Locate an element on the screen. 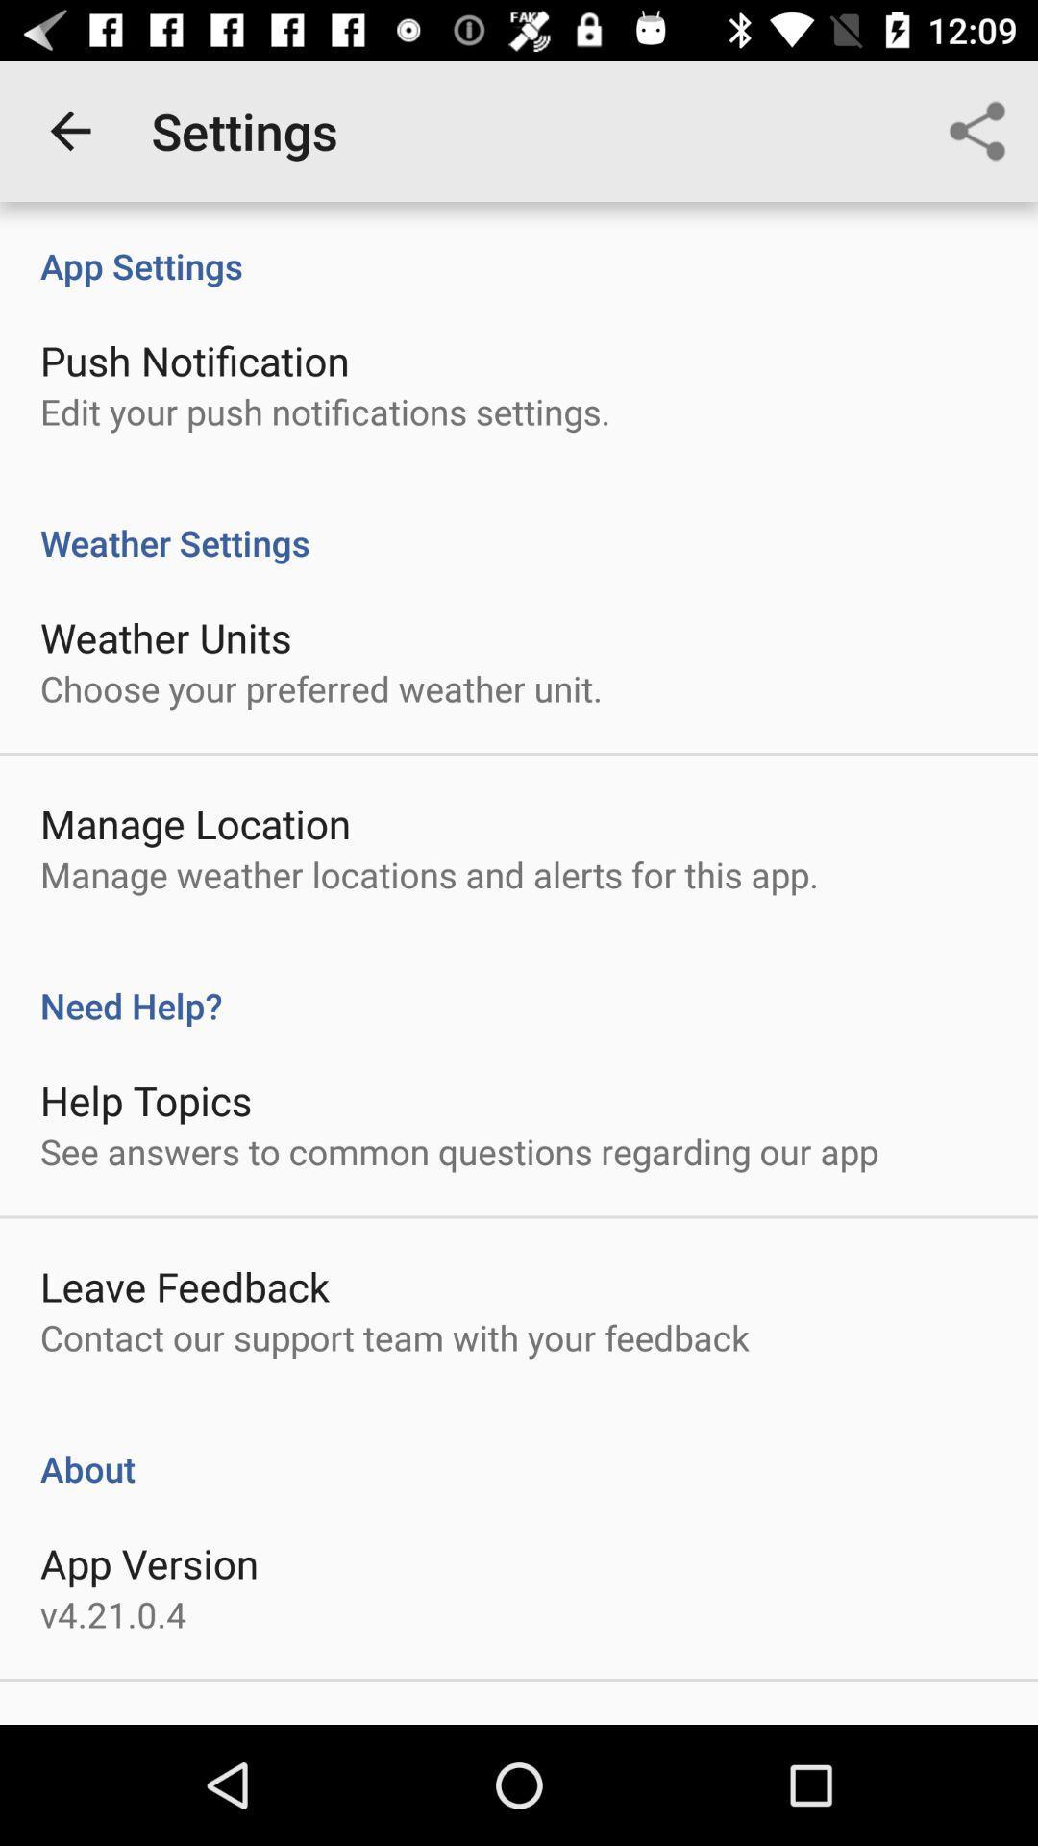 Image resolution: width=1038 pixels, height=1846 pixels. the edit your push icon is located at coordinates (324, 411).